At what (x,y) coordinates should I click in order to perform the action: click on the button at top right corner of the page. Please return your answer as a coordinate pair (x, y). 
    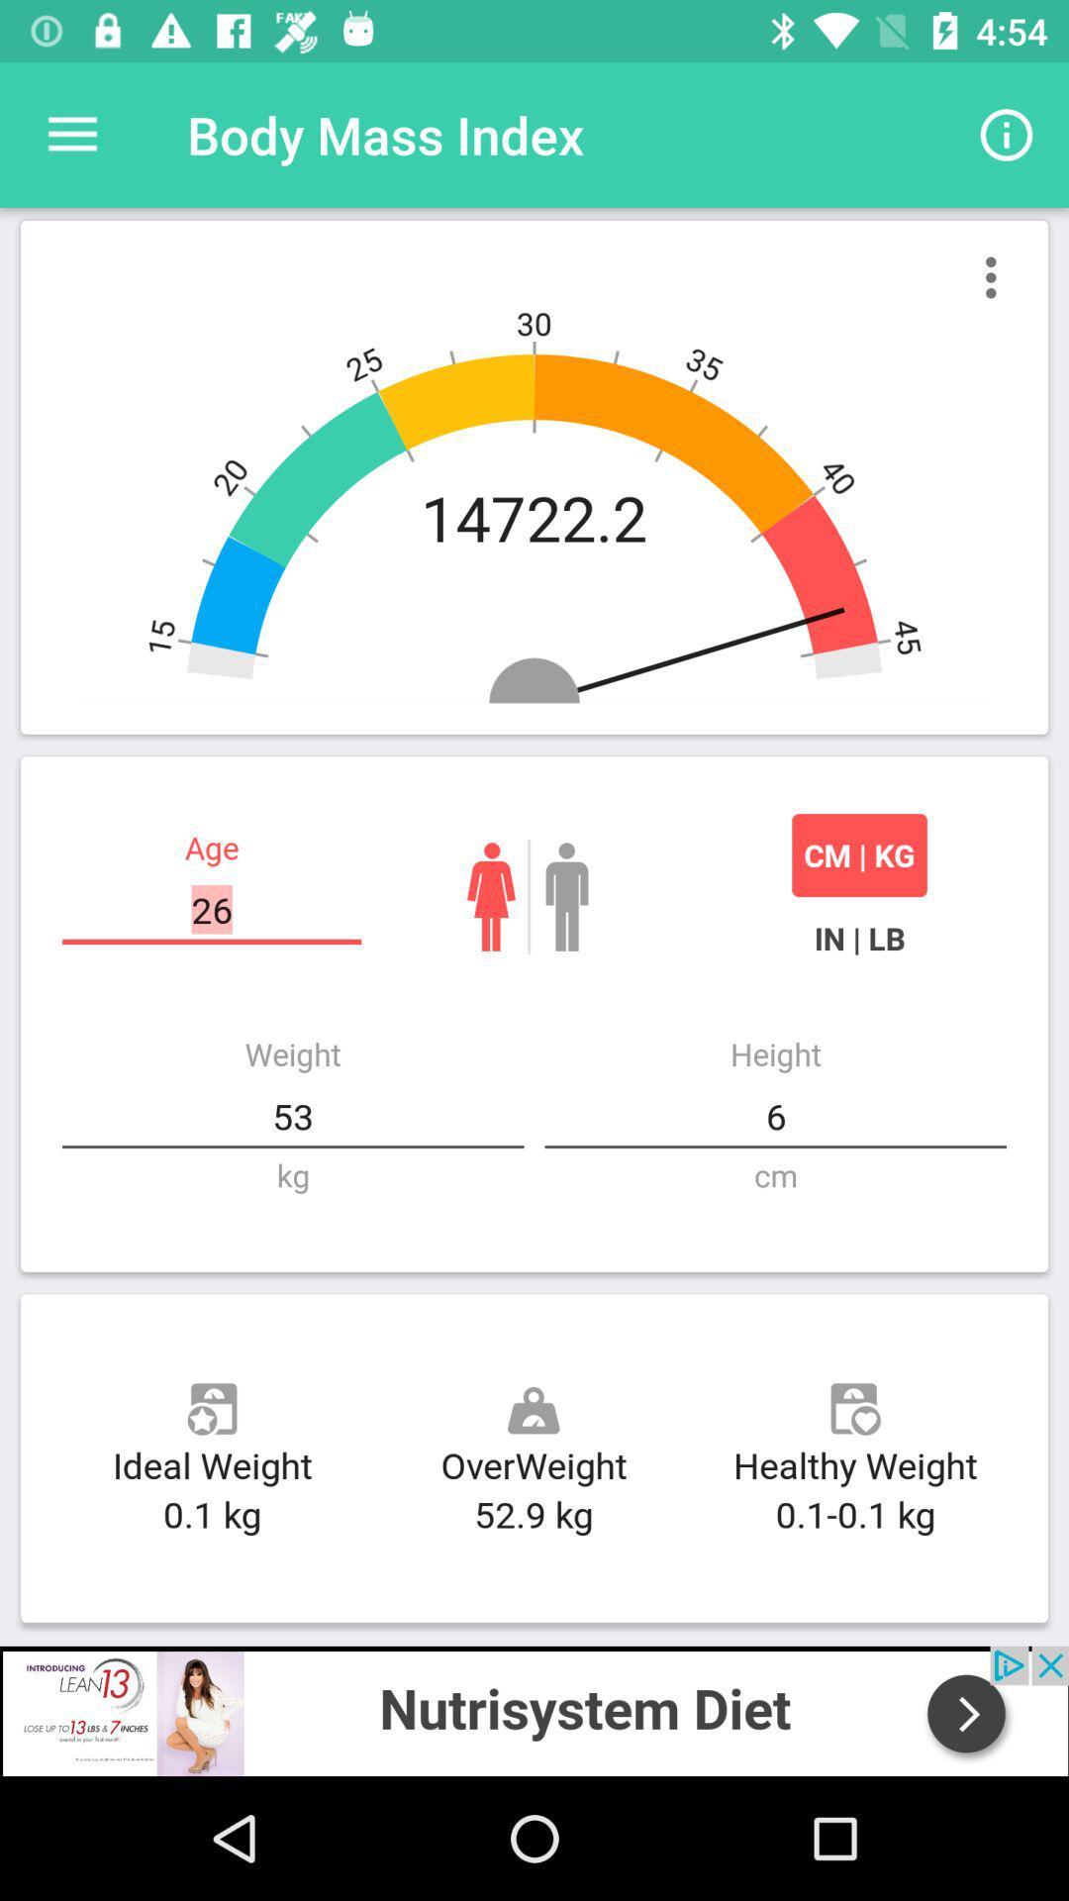
    Looking at the image, I should click on (1007, 135).